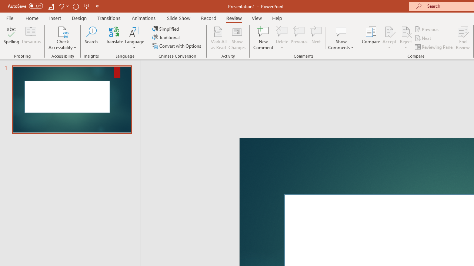  What do you see at coordinates (55, 18) in the screenshot?
I see `'Insert'` at bounding box center [55, 18].